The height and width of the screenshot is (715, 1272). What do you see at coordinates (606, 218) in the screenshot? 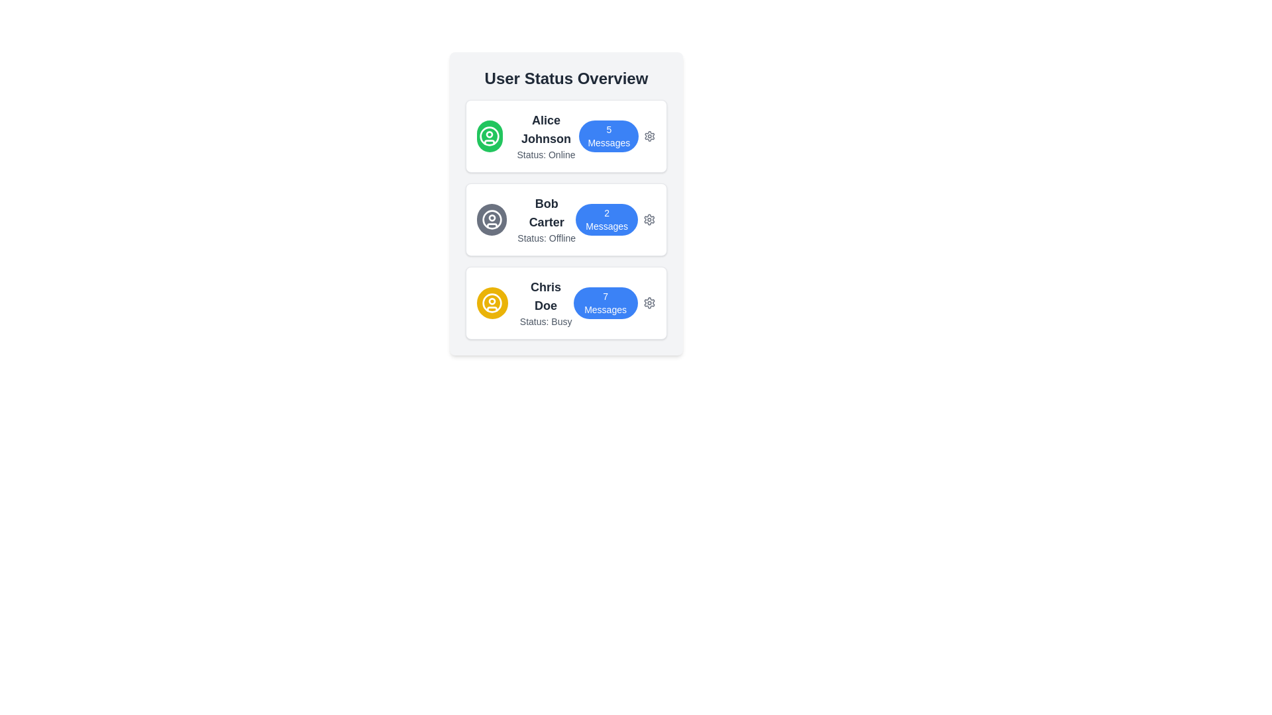
I see `the button next to the user 'Bob Carter'` at bounding box center [606, 218].